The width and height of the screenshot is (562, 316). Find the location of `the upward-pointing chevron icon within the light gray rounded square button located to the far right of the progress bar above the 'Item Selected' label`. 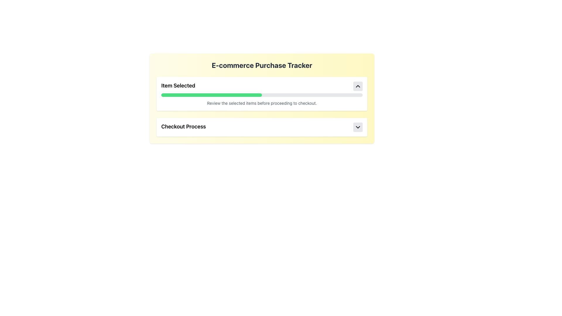

the upward-pointing chevron icon within the light gray rounded square button located to the far right of the progress bar above the 'Item Selected' label is located at coordinates (358, 86).